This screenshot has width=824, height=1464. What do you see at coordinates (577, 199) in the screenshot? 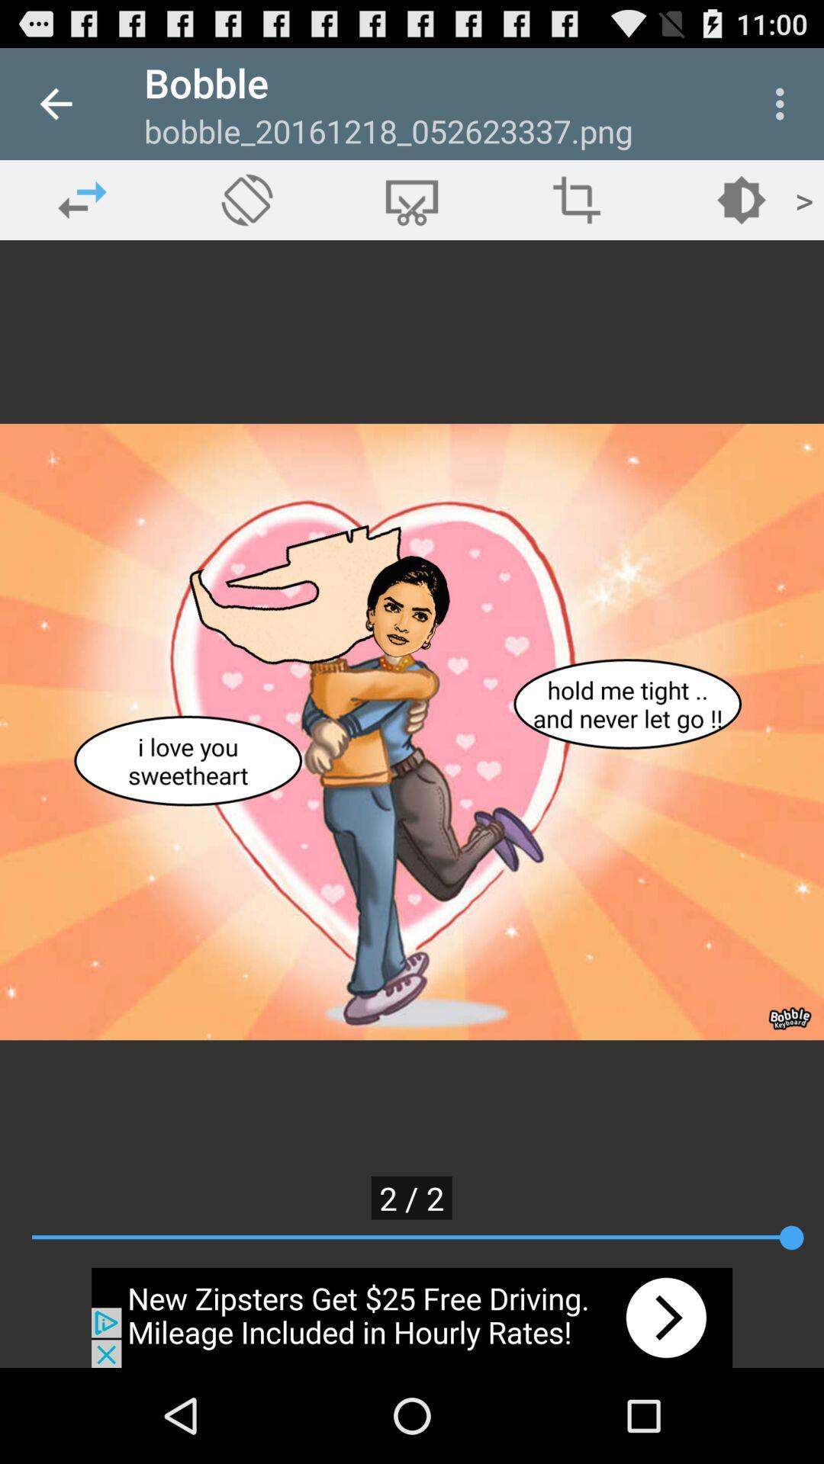
I see `the cropping icon` at bounding box center [577, 199].